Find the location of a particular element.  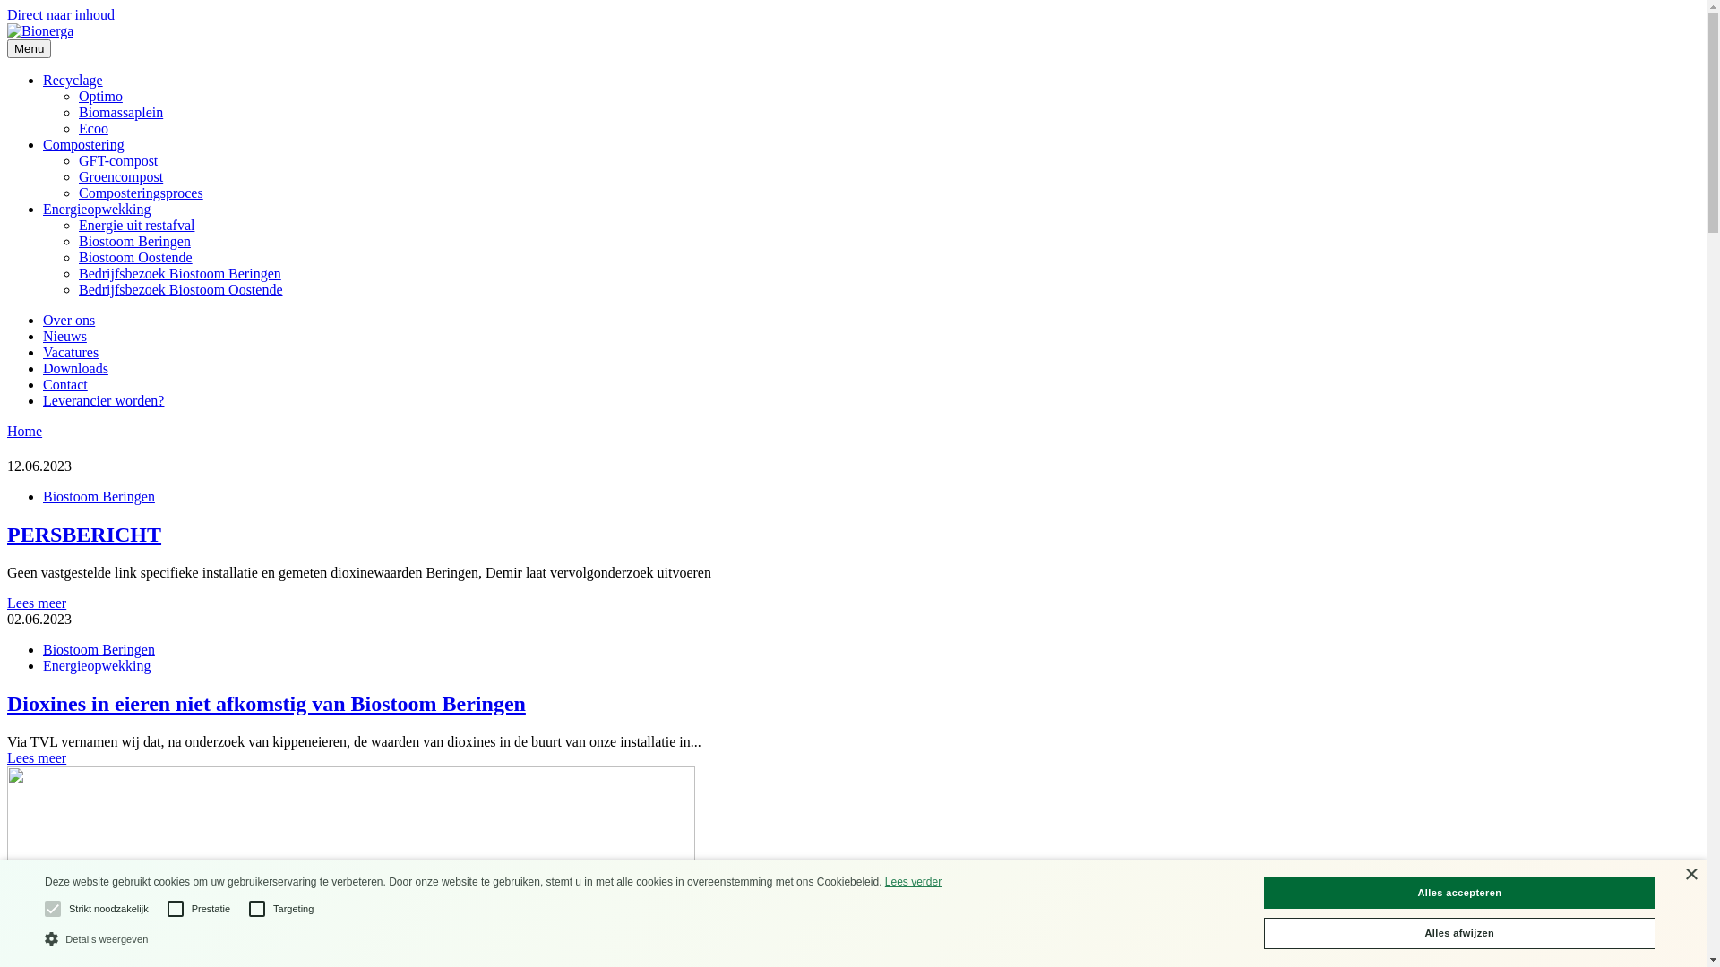

'PERSBERICHT' is located at coordinates (7, 534).